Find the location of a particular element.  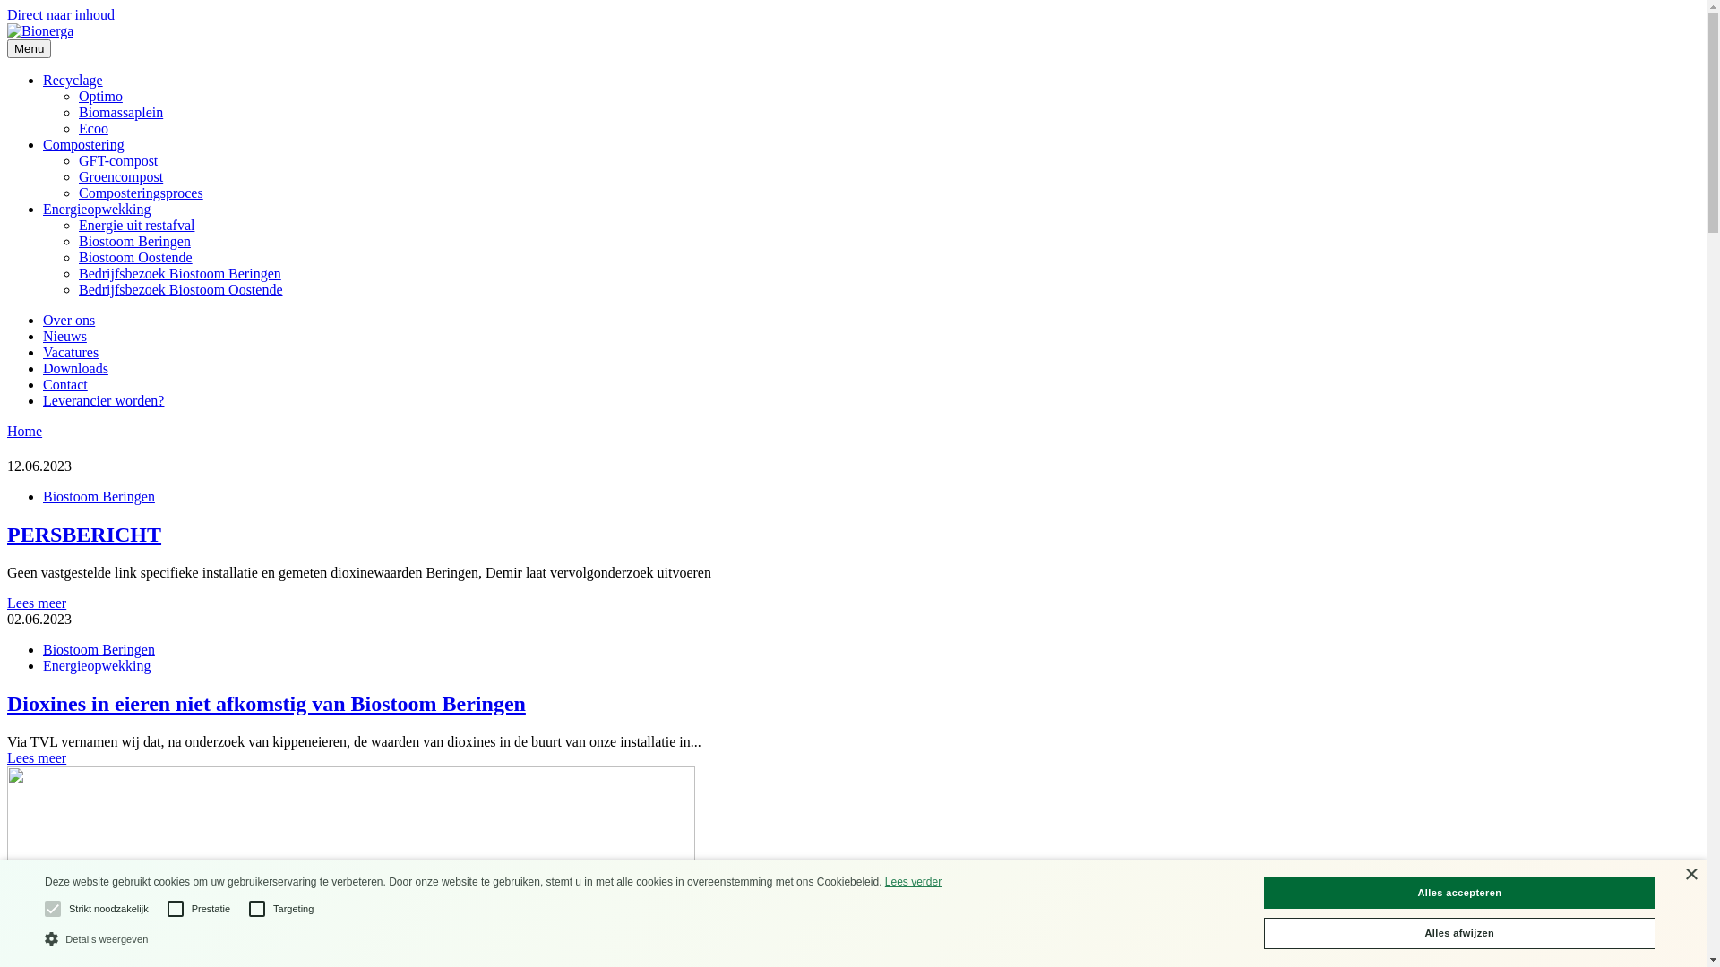

'PERSBERICHT' is located at coordinates (7, 534).